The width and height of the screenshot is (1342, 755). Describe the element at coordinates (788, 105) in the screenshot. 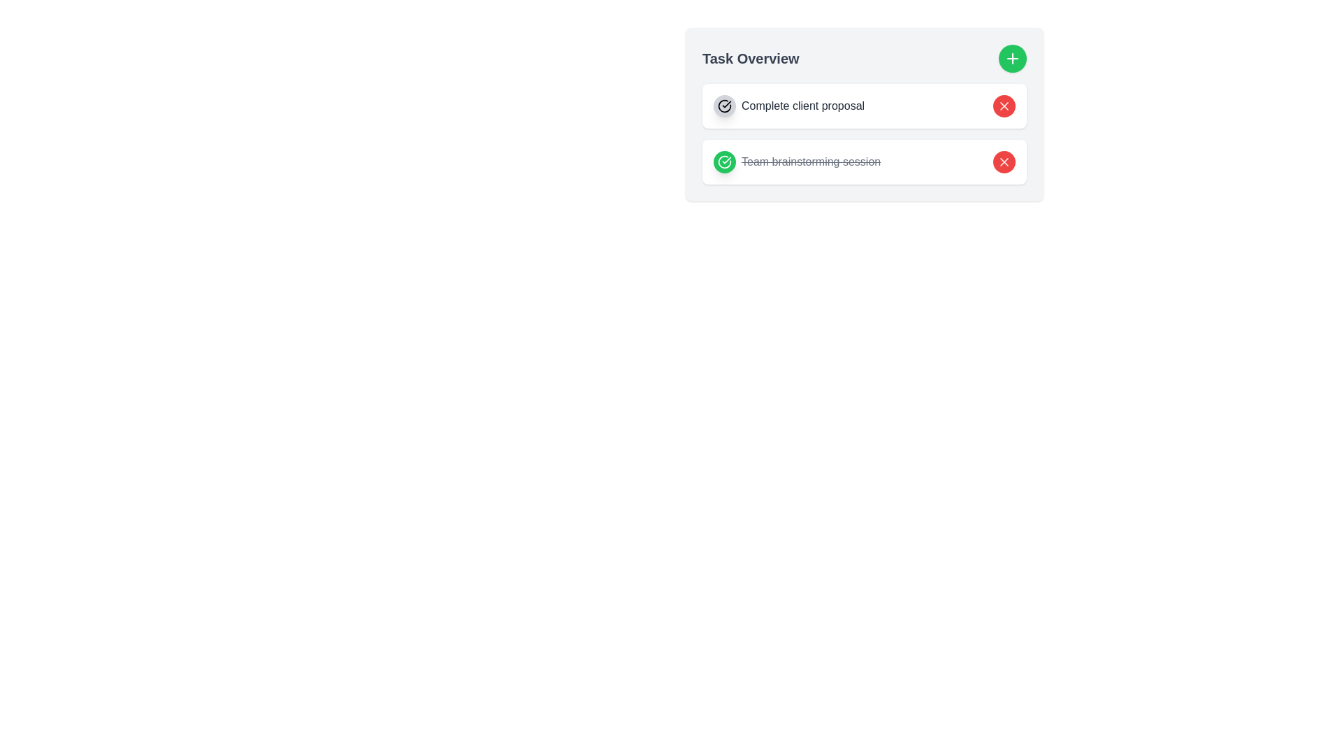

I see `first task label in the vertical list, which indicates 'Team brainstorming session'` at that location.